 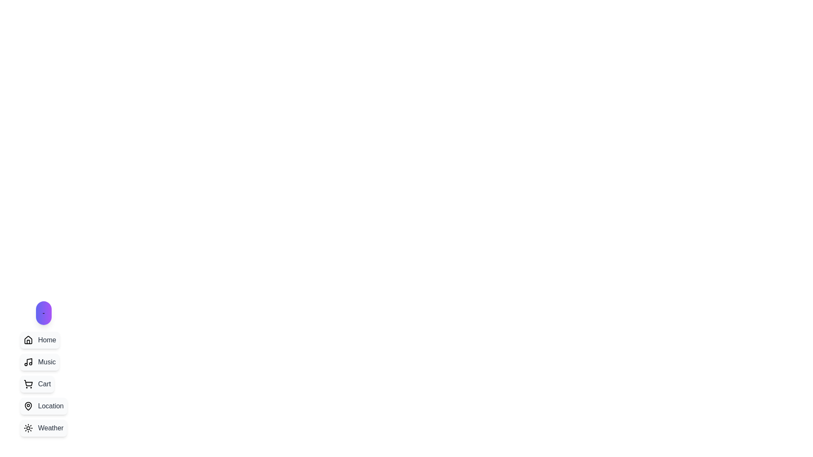 What do you see at coordinates (39, 339) in the screenshot?
I see `the 'Home' button located at the top of the list, which has a house icon and a light gray background that darkens on hover` at bounding box center [39, 339].